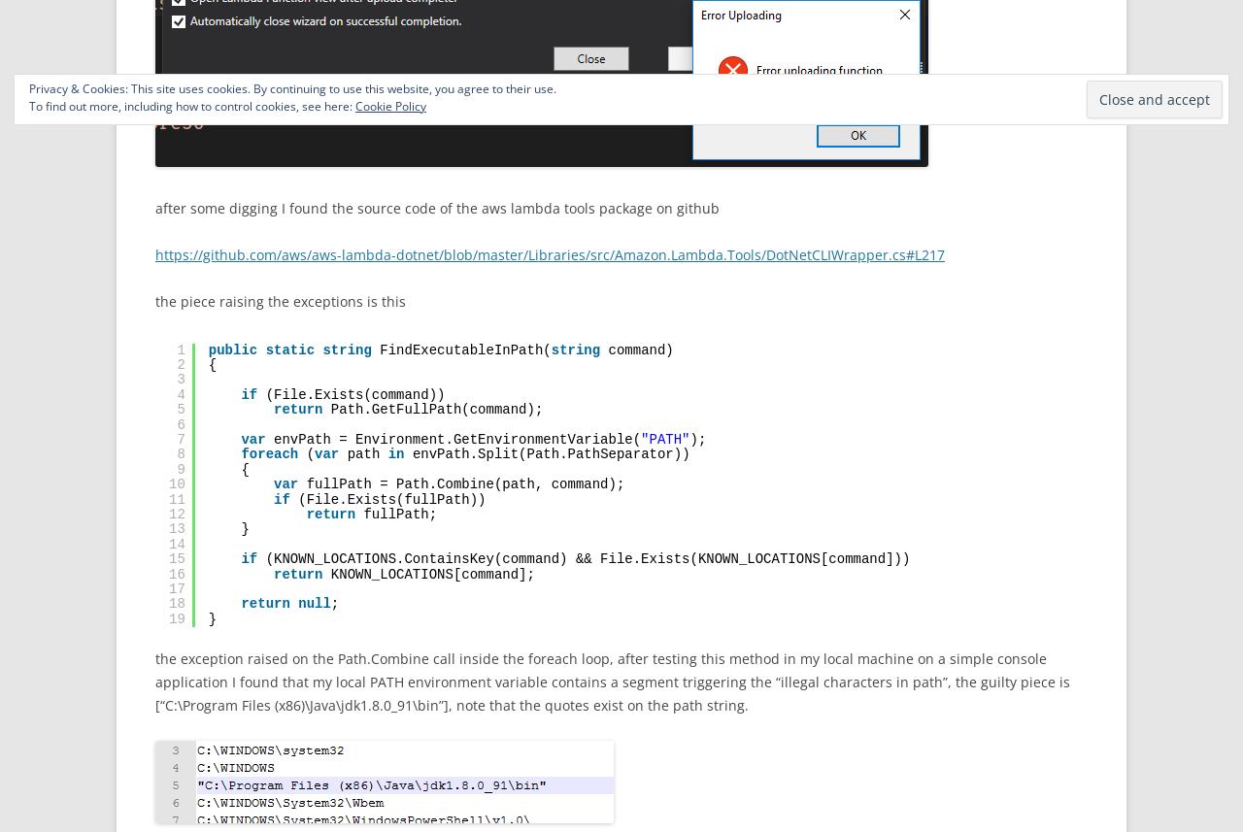 This screenshot has width=1243, height=832. Describe the element at coordinates (264, 558) in the screenshot. I see `'(KNOWN_LOCATIONS.ContainsKey(command) && File.Exists(KNOWN_LOCATIONS[command]))'` at that location.